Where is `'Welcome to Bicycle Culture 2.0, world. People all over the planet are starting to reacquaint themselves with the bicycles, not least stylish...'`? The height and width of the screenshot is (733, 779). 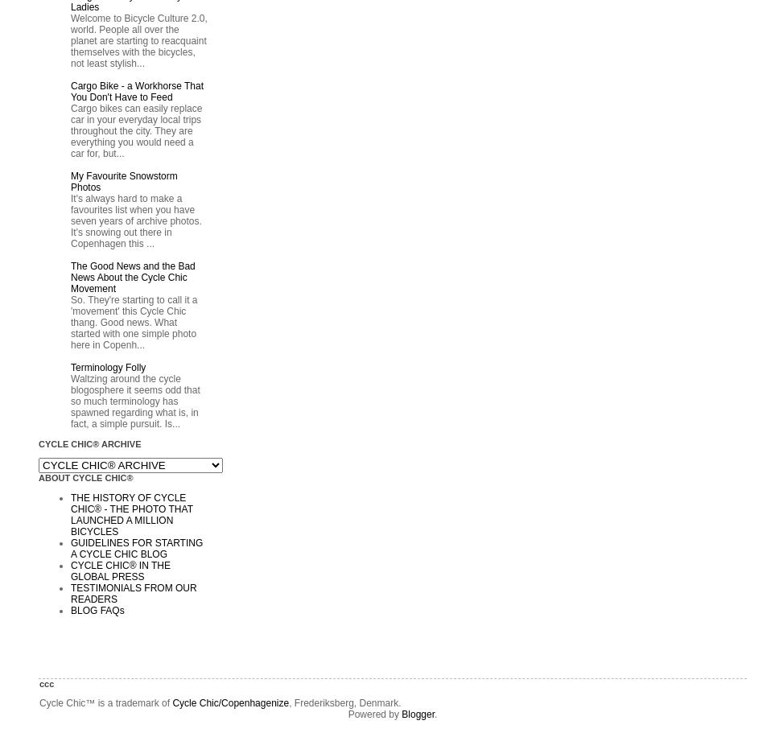
'Welcome to Bicycle Culture 2.0, world. People all over the planet are starting to reacquaint themselves with the bicycles, not least stylish...' is located at coordinates (138, 40).